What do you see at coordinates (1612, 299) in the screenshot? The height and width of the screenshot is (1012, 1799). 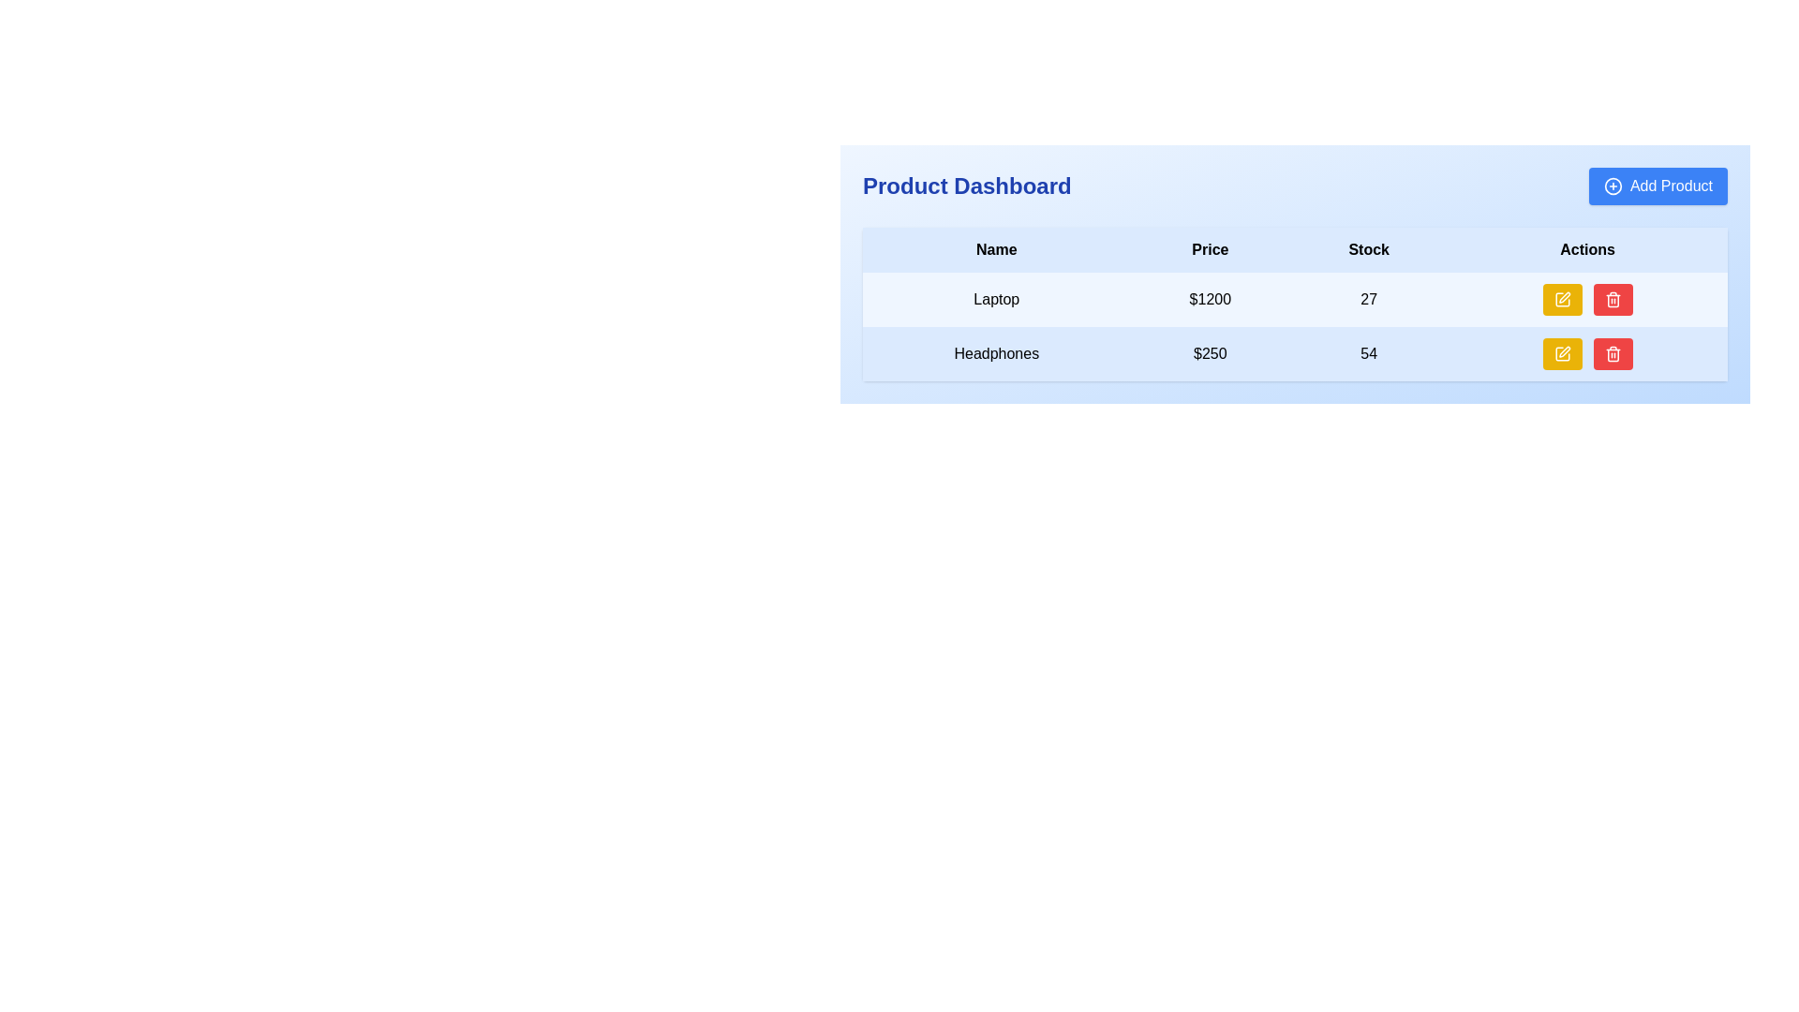 I see `the delete button located` at bounding box center [1612, 299].